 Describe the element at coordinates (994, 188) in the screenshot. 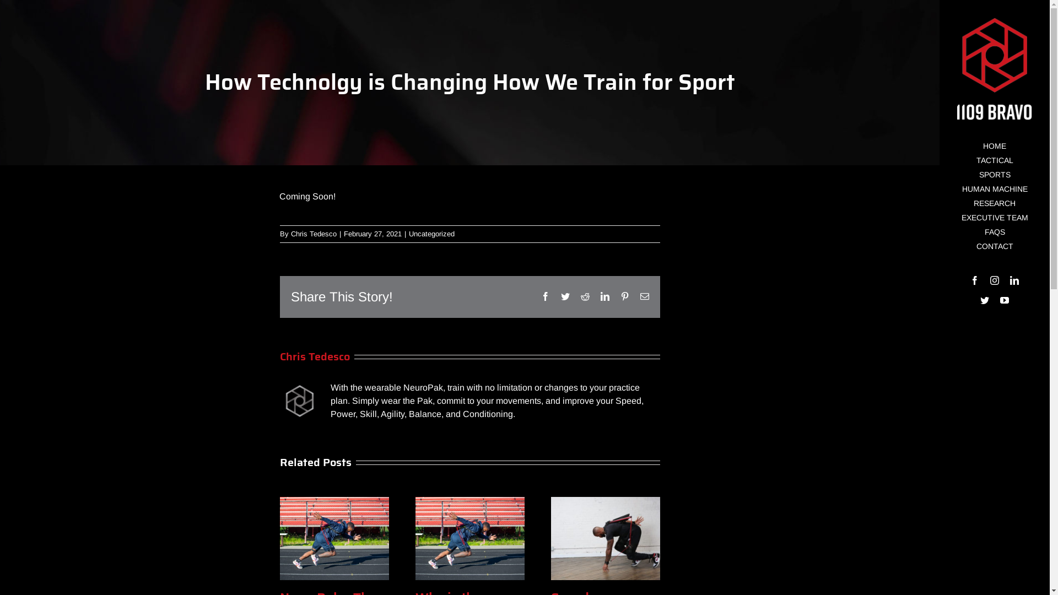

I see `'HUMAN MACHINE'` at that location.